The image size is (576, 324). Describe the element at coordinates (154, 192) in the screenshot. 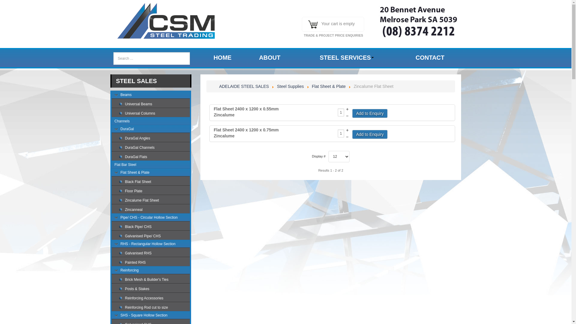

I see `'Floor Plate'` at that location.